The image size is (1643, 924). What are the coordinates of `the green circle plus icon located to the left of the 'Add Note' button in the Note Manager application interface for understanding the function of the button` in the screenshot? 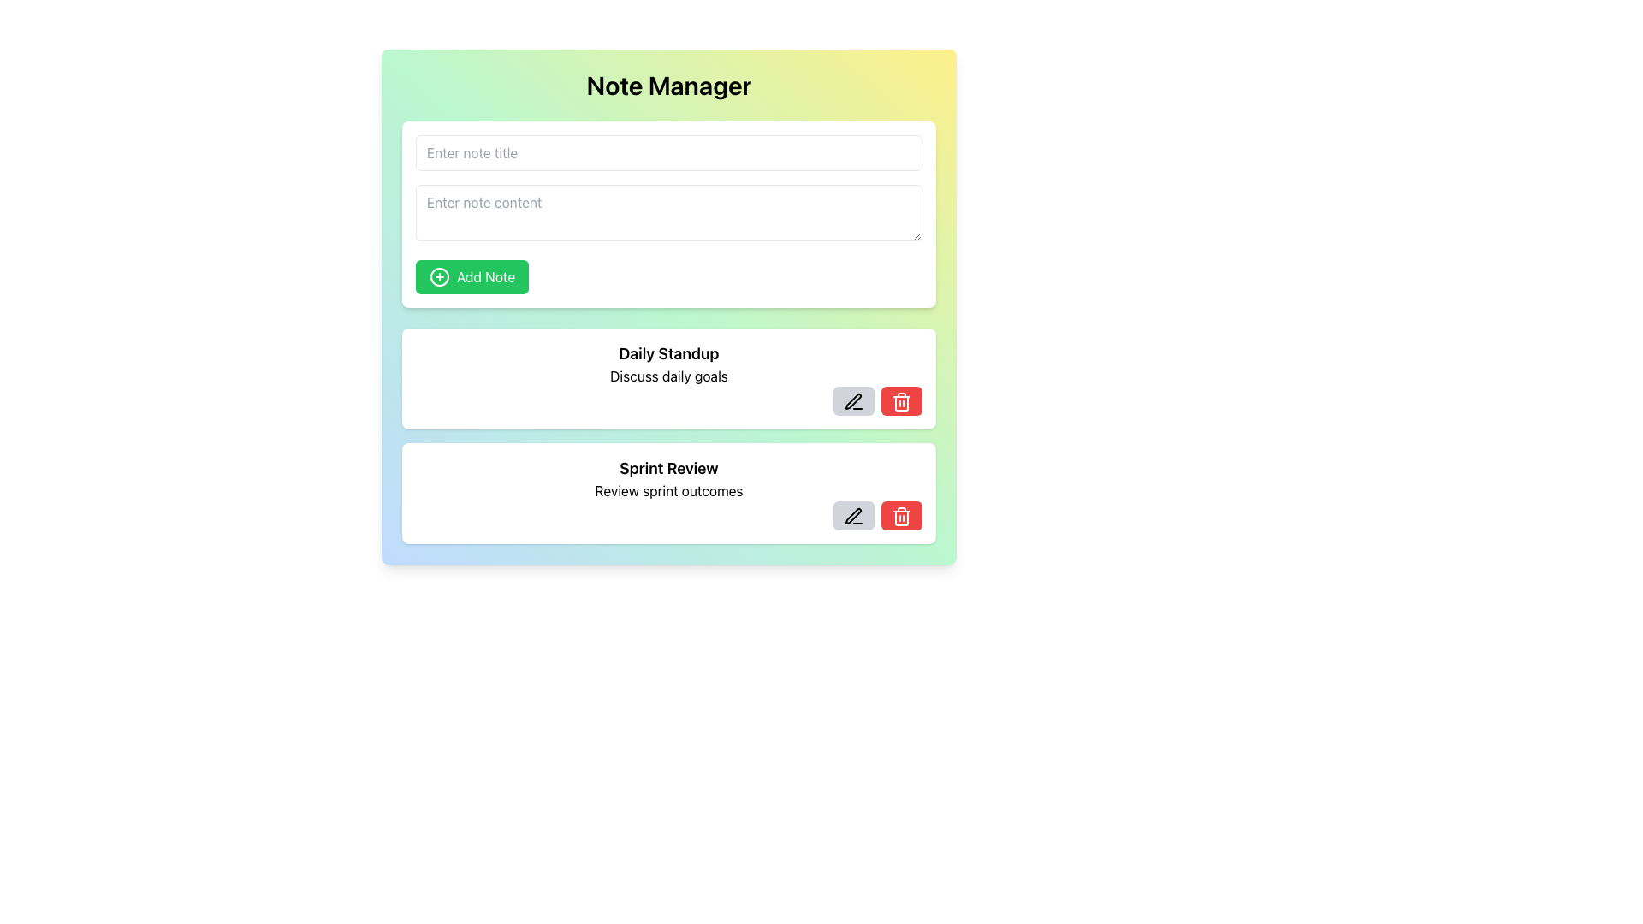 It's located at (439, 276).